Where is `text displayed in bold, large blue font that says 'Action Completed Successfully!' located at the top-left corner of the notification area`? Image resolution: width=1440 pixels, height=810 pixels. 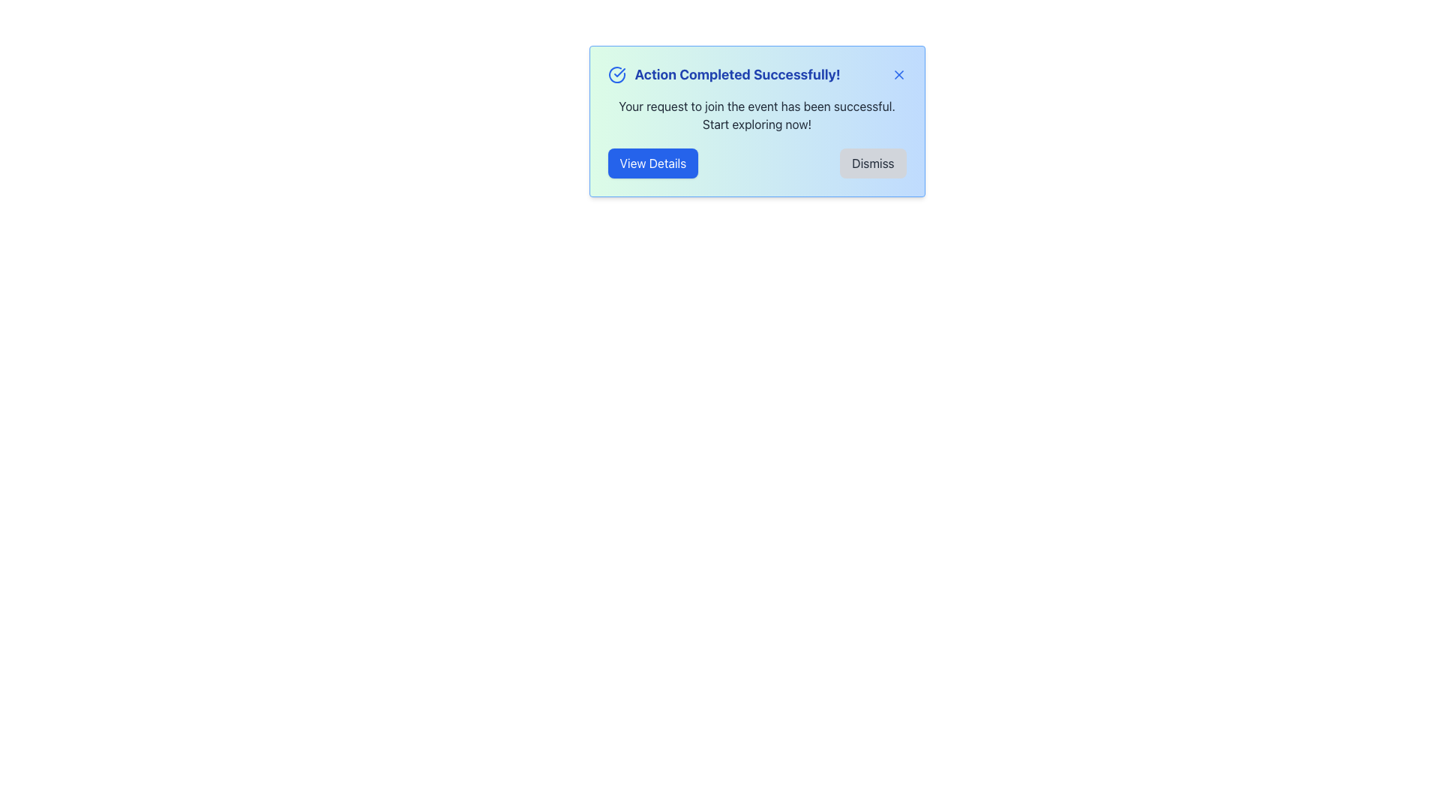 text displayed in bold, large blue font that says 'Action Completed Successfully!' located at the top-left corner of the notification area is located at coordinates (737, 75).